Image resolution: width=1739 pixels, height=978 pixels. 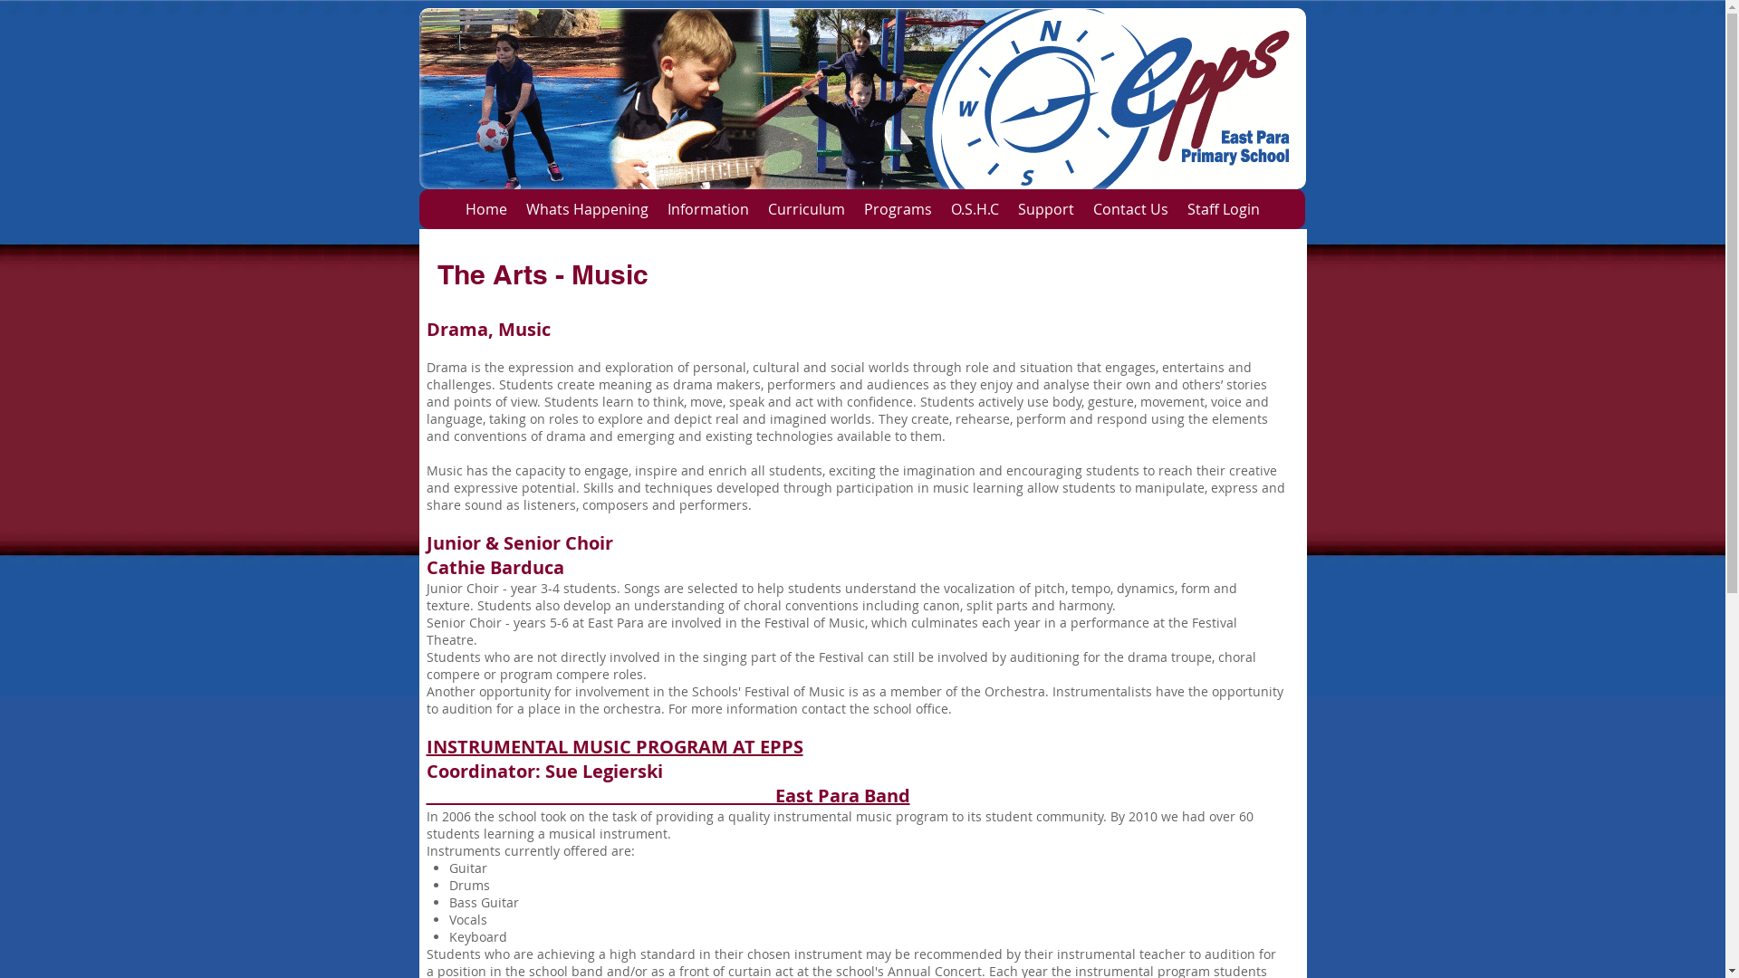 I want to click on 'Contact Us', so click(x=1082, y=208).